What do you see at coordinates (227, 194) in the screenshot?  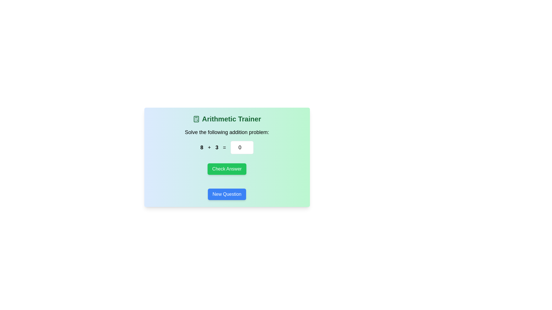 I see `the button that generates a new question, located at the bottom center of the colored card, directly below the green 'Check Answer' button, to observe its hover effect` at bounding box center [227, 194].